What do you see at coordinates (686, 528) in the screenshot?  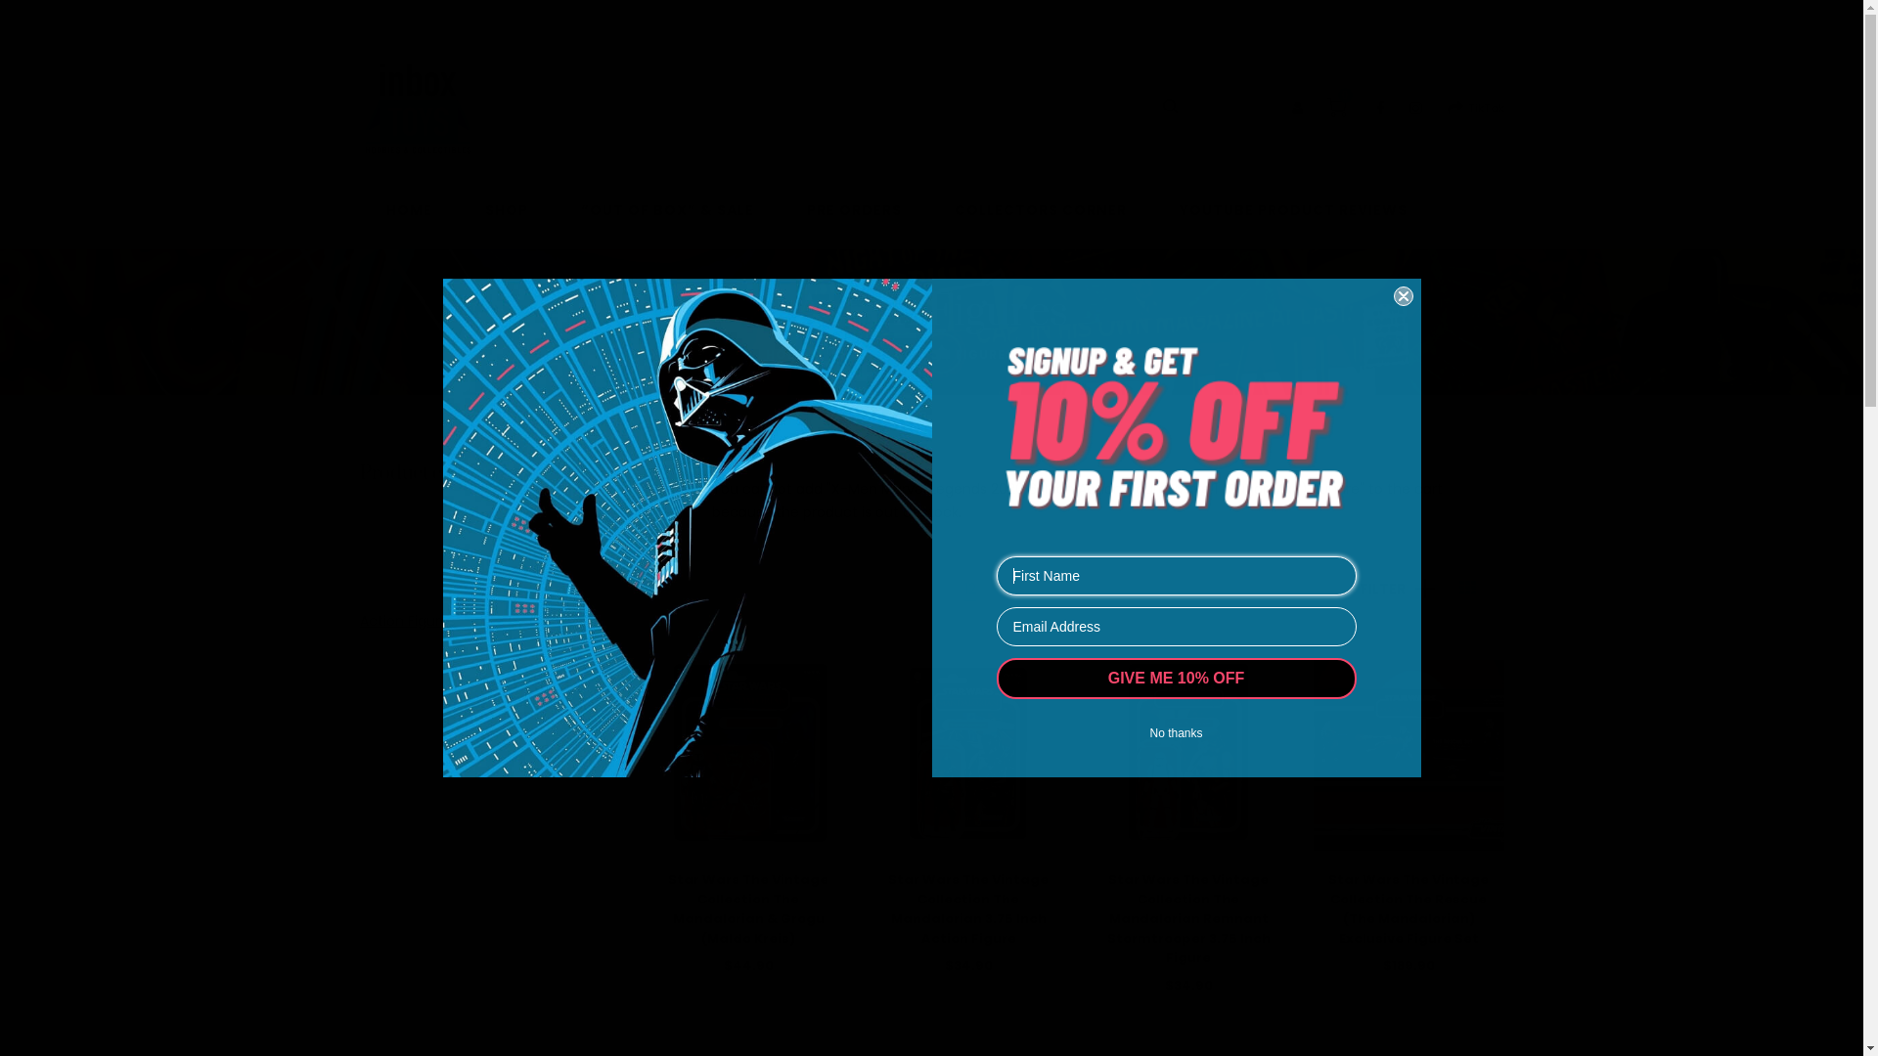 I see `'Darth Vader'` at bounding box center [686, 528].